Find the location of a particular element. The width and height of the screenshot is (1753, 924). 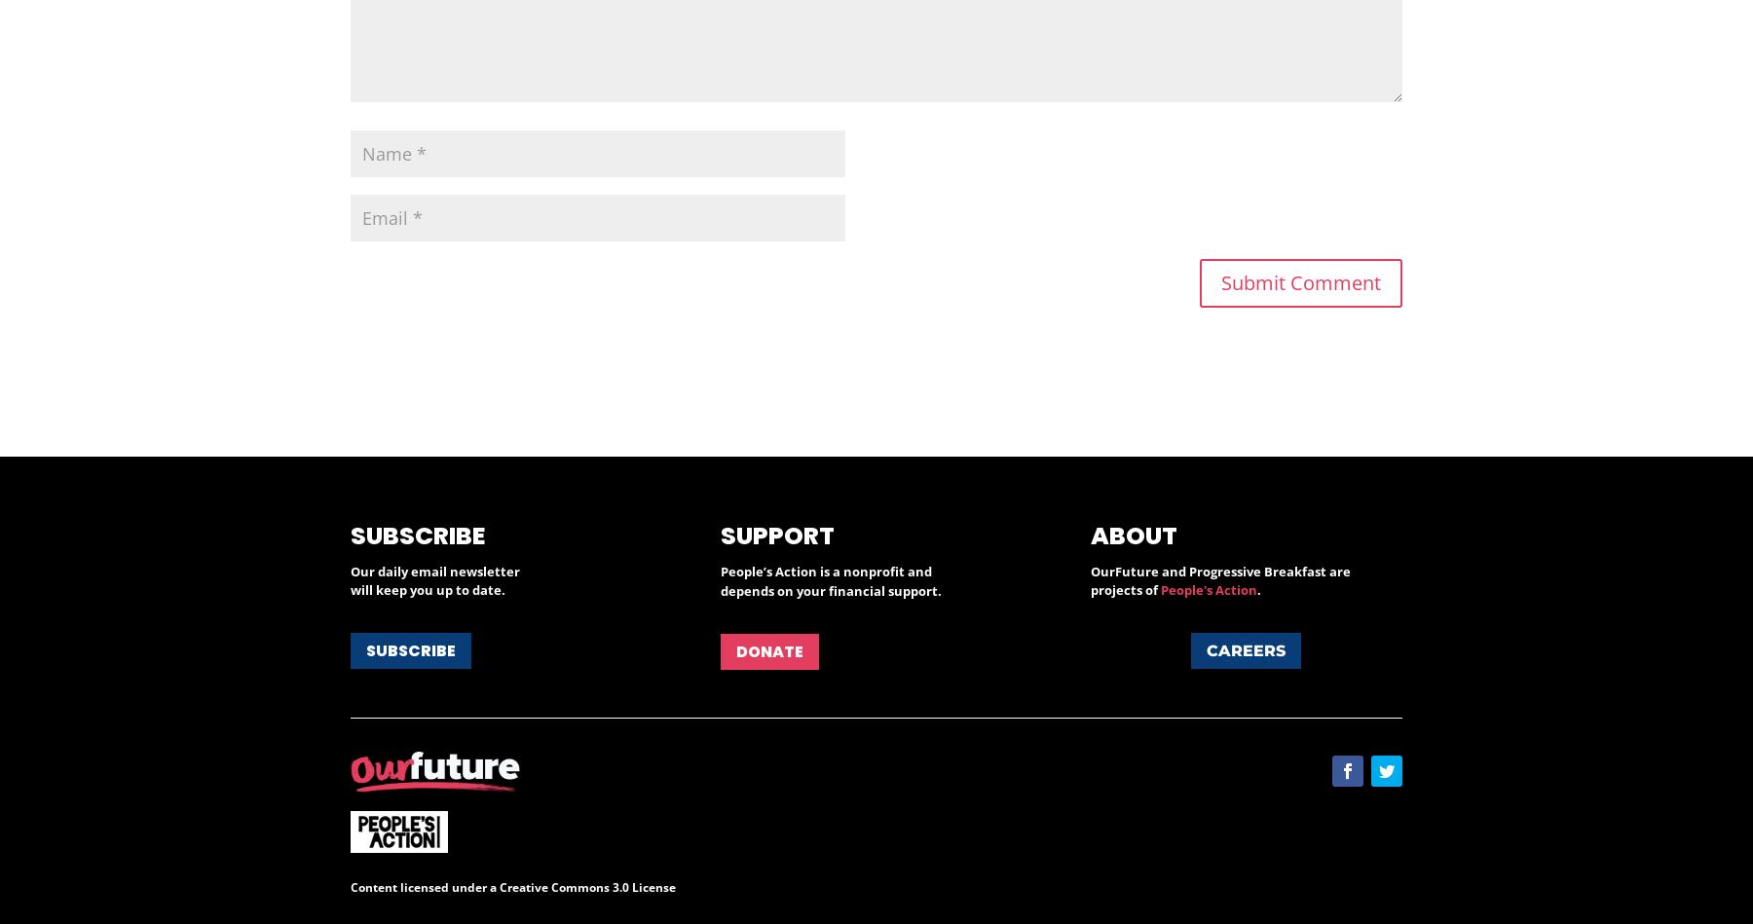

'About' is located at coordinates (1132, 535).